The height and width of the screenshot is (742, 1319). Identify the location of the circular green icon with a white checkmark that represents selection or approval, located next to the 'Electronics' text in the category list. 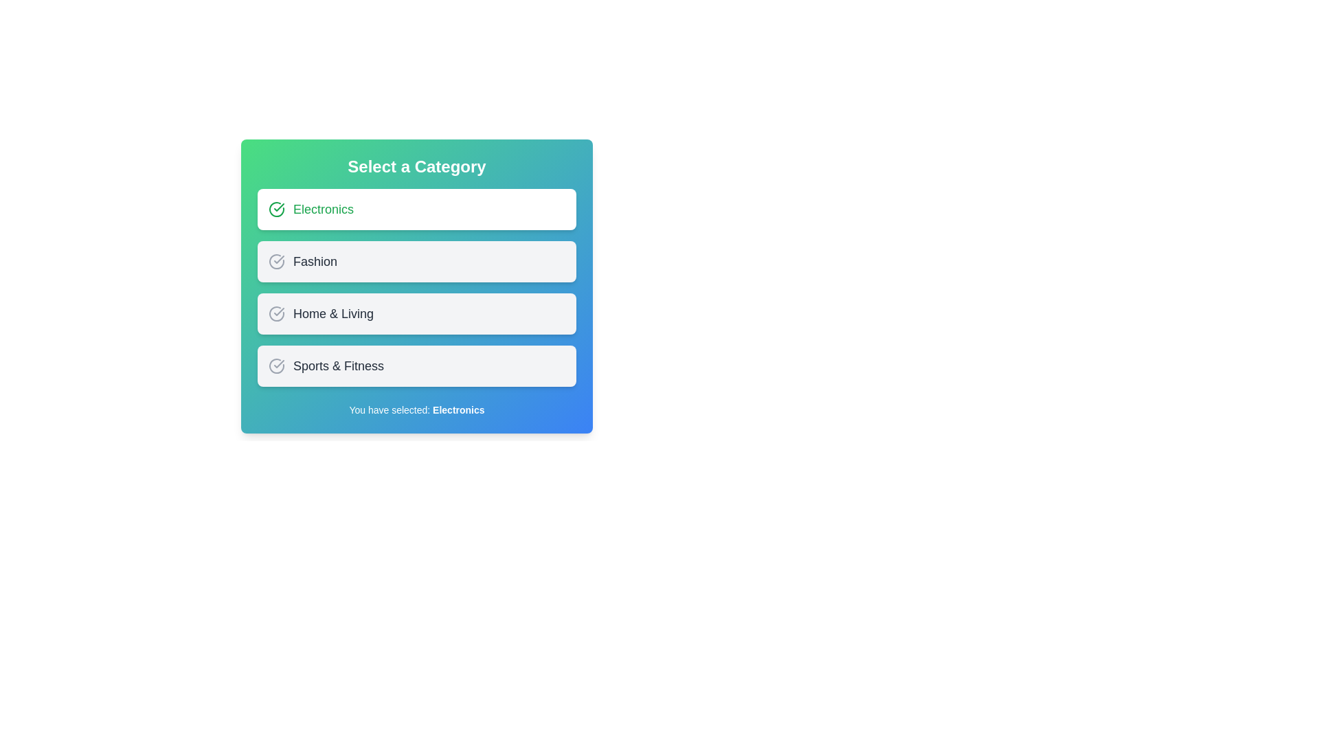
(276, 209).